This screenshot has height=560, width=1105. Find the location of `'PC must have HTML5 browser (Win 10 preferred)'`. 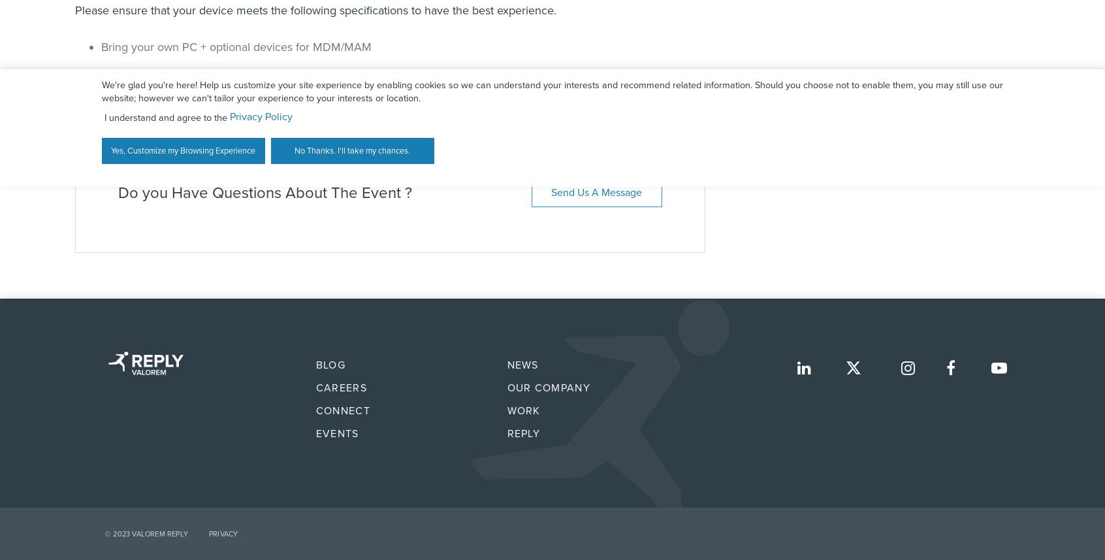

'PC must have HTML5 browser (Win 10 preferred)' is located at coordinates (225, 72).